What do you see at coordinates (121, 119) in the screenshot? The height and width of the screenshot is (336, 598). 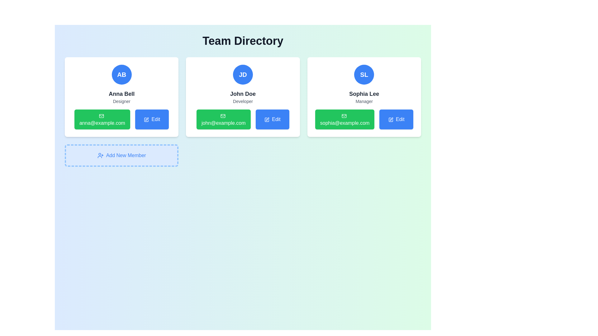 I see `the email button located within Anna Bell's profile card` at bounding box center [121, 119].